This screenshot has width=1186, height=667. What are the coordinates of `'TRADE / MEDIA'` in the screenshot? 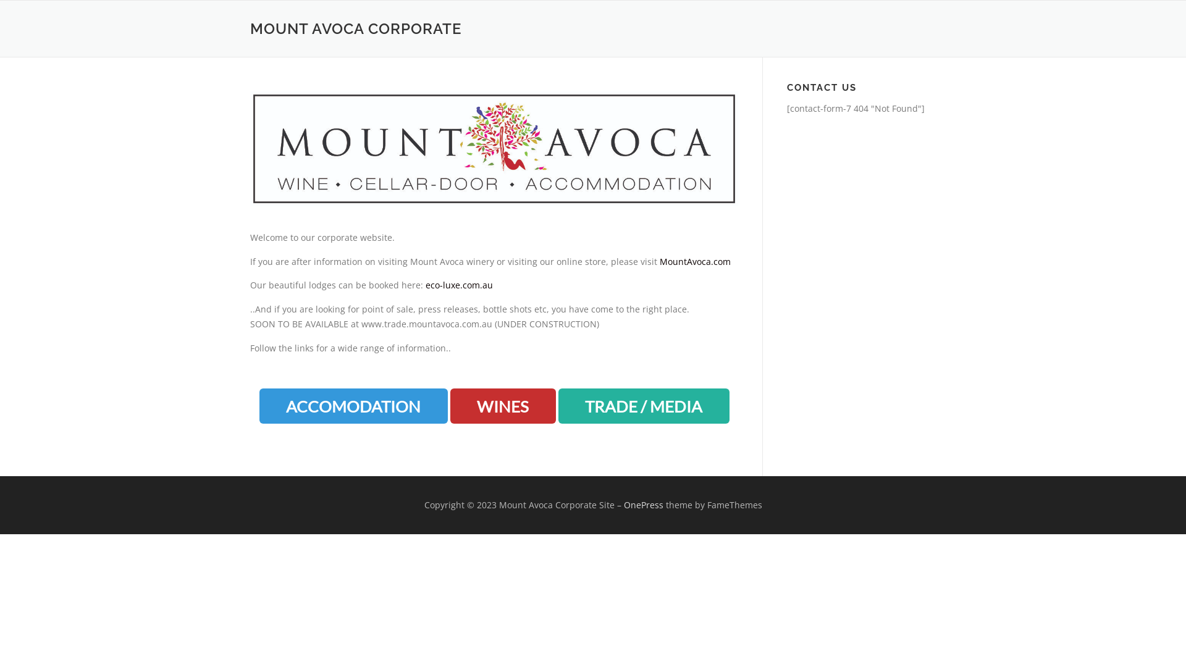 It's located at (643, 406).